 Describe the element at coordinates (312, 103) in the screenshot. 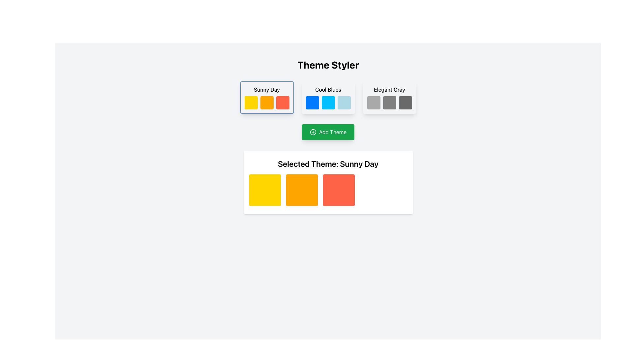

I see `the first blue clickable tile in the 'Cool Blues' group` at that location.